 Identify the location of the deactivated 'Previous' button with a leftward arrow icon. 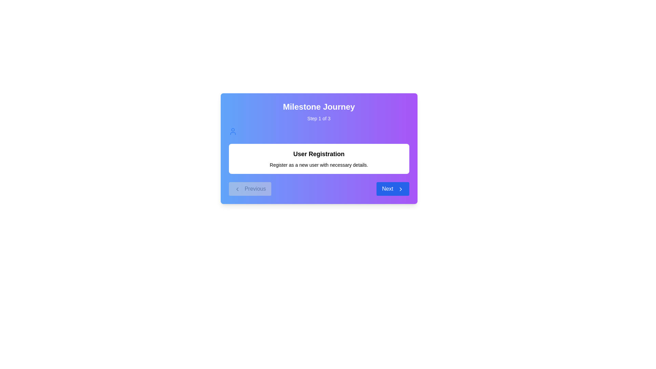
(249, 189).